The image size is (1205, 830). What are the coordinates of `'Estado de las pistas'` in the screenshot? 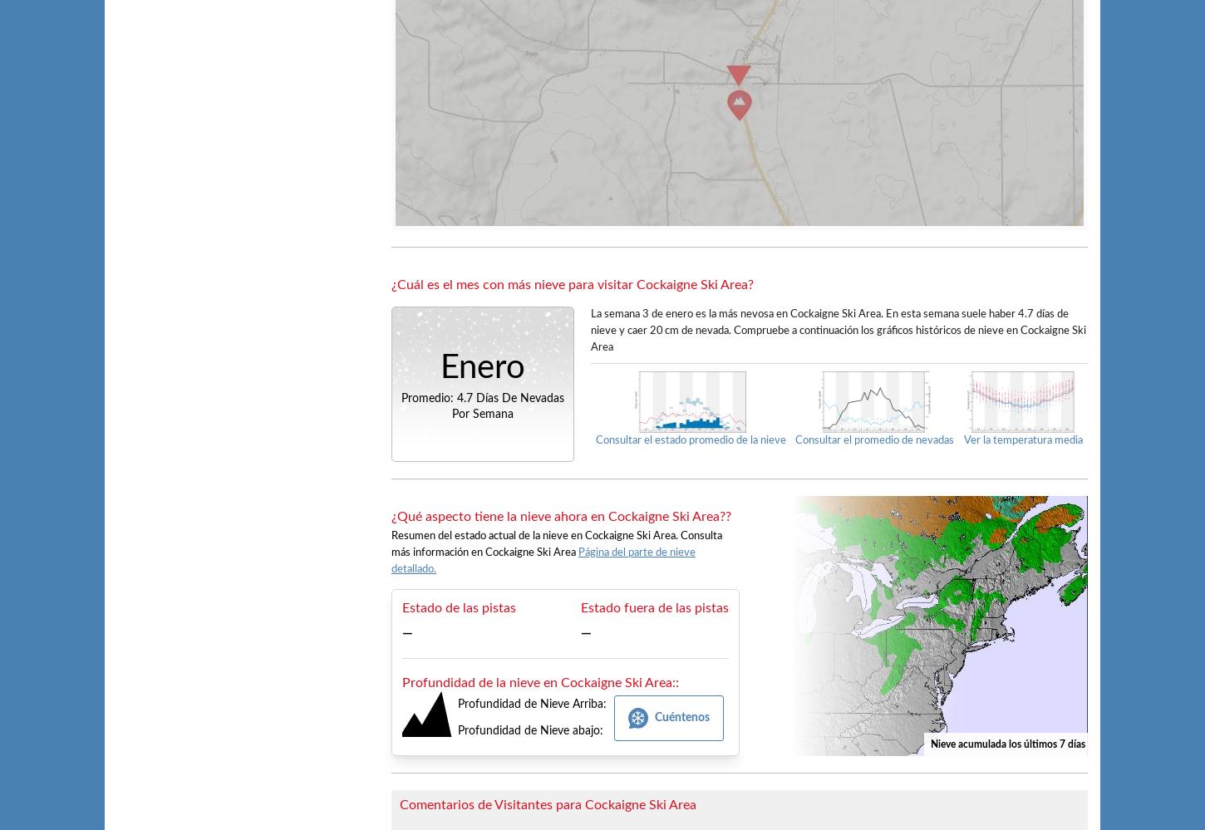 It's located at (402, 606).